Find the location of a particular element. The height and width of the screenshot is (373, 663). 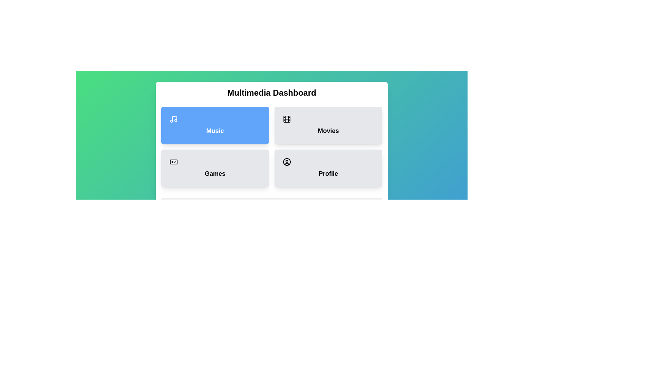

the Profile button to display its description is located at coordinates (328, 168).